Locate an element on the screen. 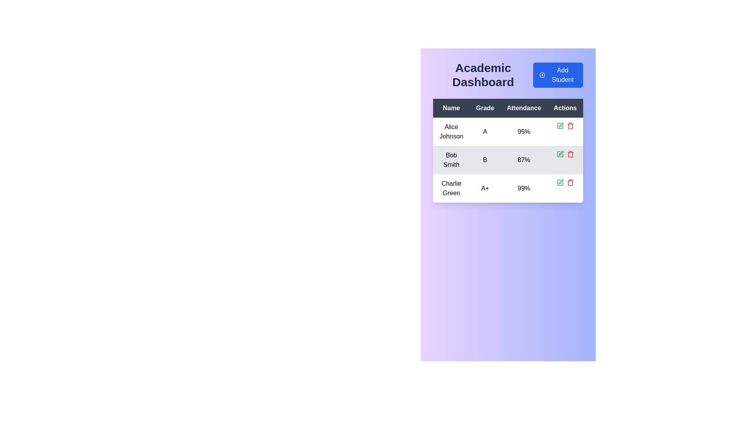  the table row displaying information about 'Charlie Green', which includes their grade 'A+' and attendance '99%', located as the third row in the table is located at coordinates (508, 188).